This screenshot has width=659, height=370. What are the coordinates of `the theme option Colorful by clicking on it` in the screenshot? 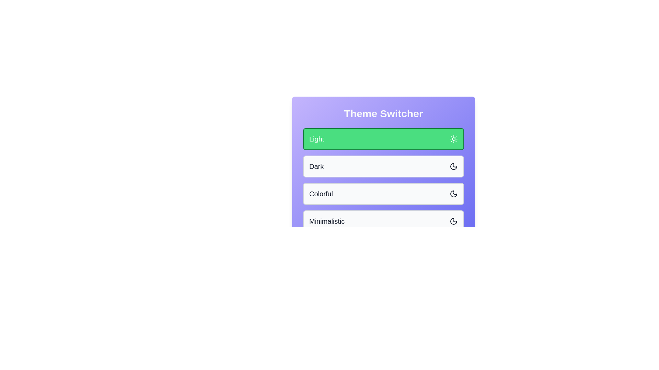 It's located at (383, 194).